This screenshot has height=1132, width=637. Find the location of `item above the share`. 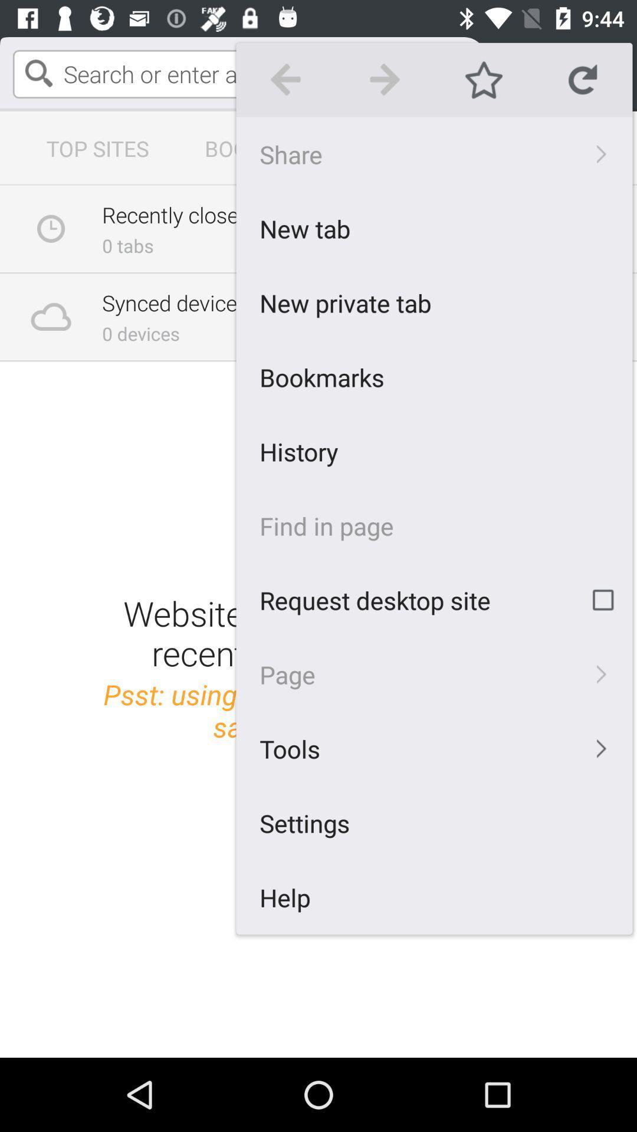

item above the share is located at coordinates (582, 79).